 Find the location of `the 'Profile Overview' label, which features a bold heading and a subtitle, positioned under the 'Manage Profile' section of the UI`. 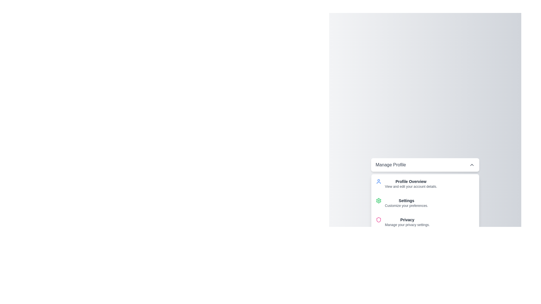

the 'Profile Overview' label, which features a bold heading and a subtitle, positioned under the 'Manage Profile' section of the UI is located at coordinates (411, 184).